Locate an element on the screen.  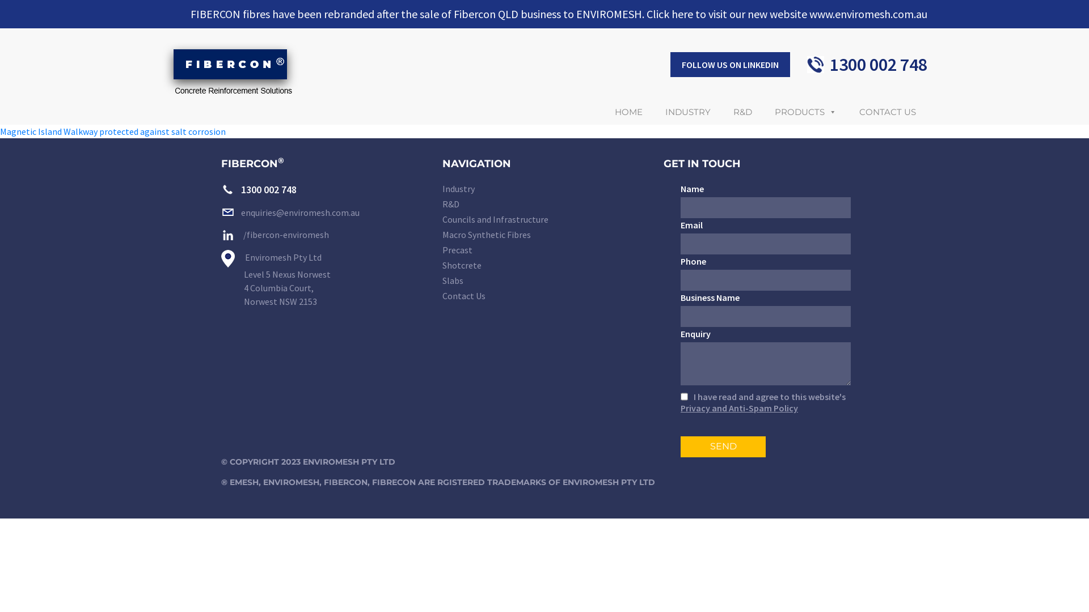
'HOME' is located at coordinates (603, 112).